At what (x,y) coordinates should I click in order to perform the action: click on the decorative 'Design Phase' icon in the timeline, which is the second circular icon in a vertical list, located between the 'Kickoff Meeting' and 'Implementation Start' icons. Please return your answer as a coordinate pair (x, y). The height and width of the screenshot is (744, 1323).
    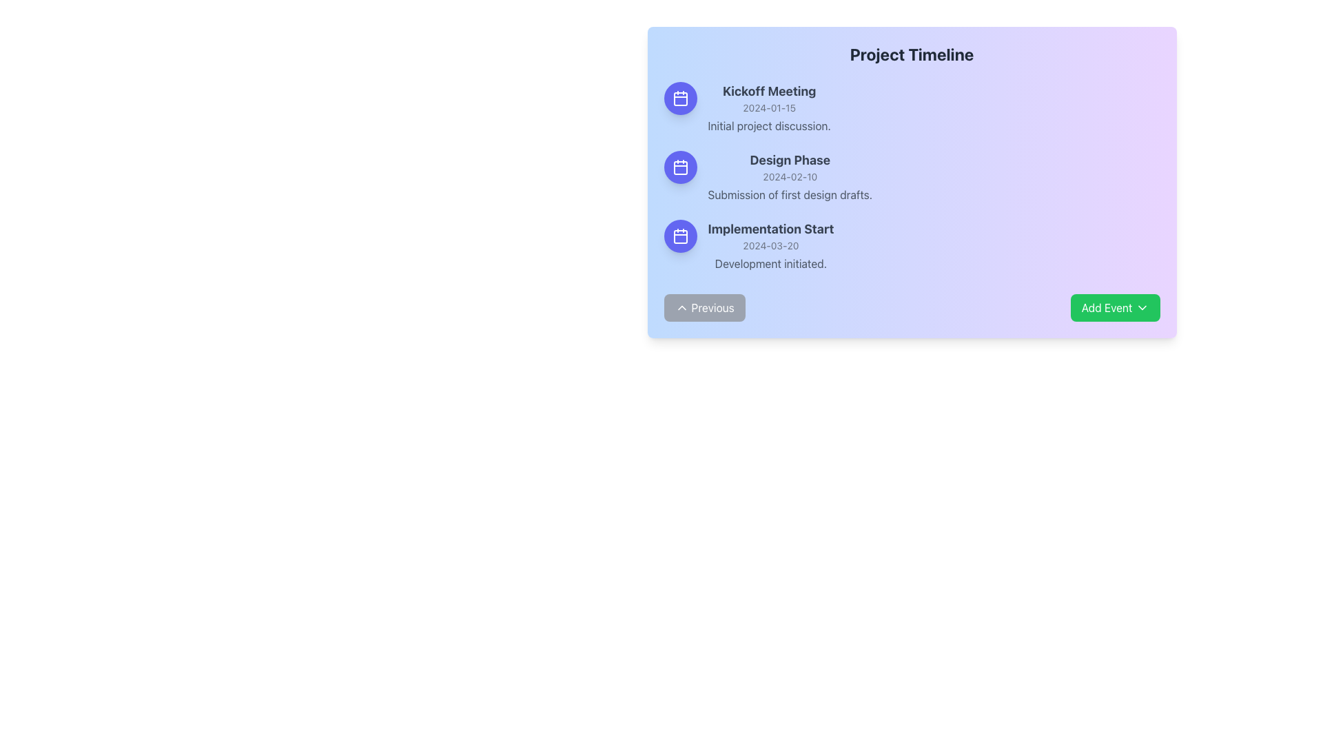
    Looking at the image, I should click on (680, 167).